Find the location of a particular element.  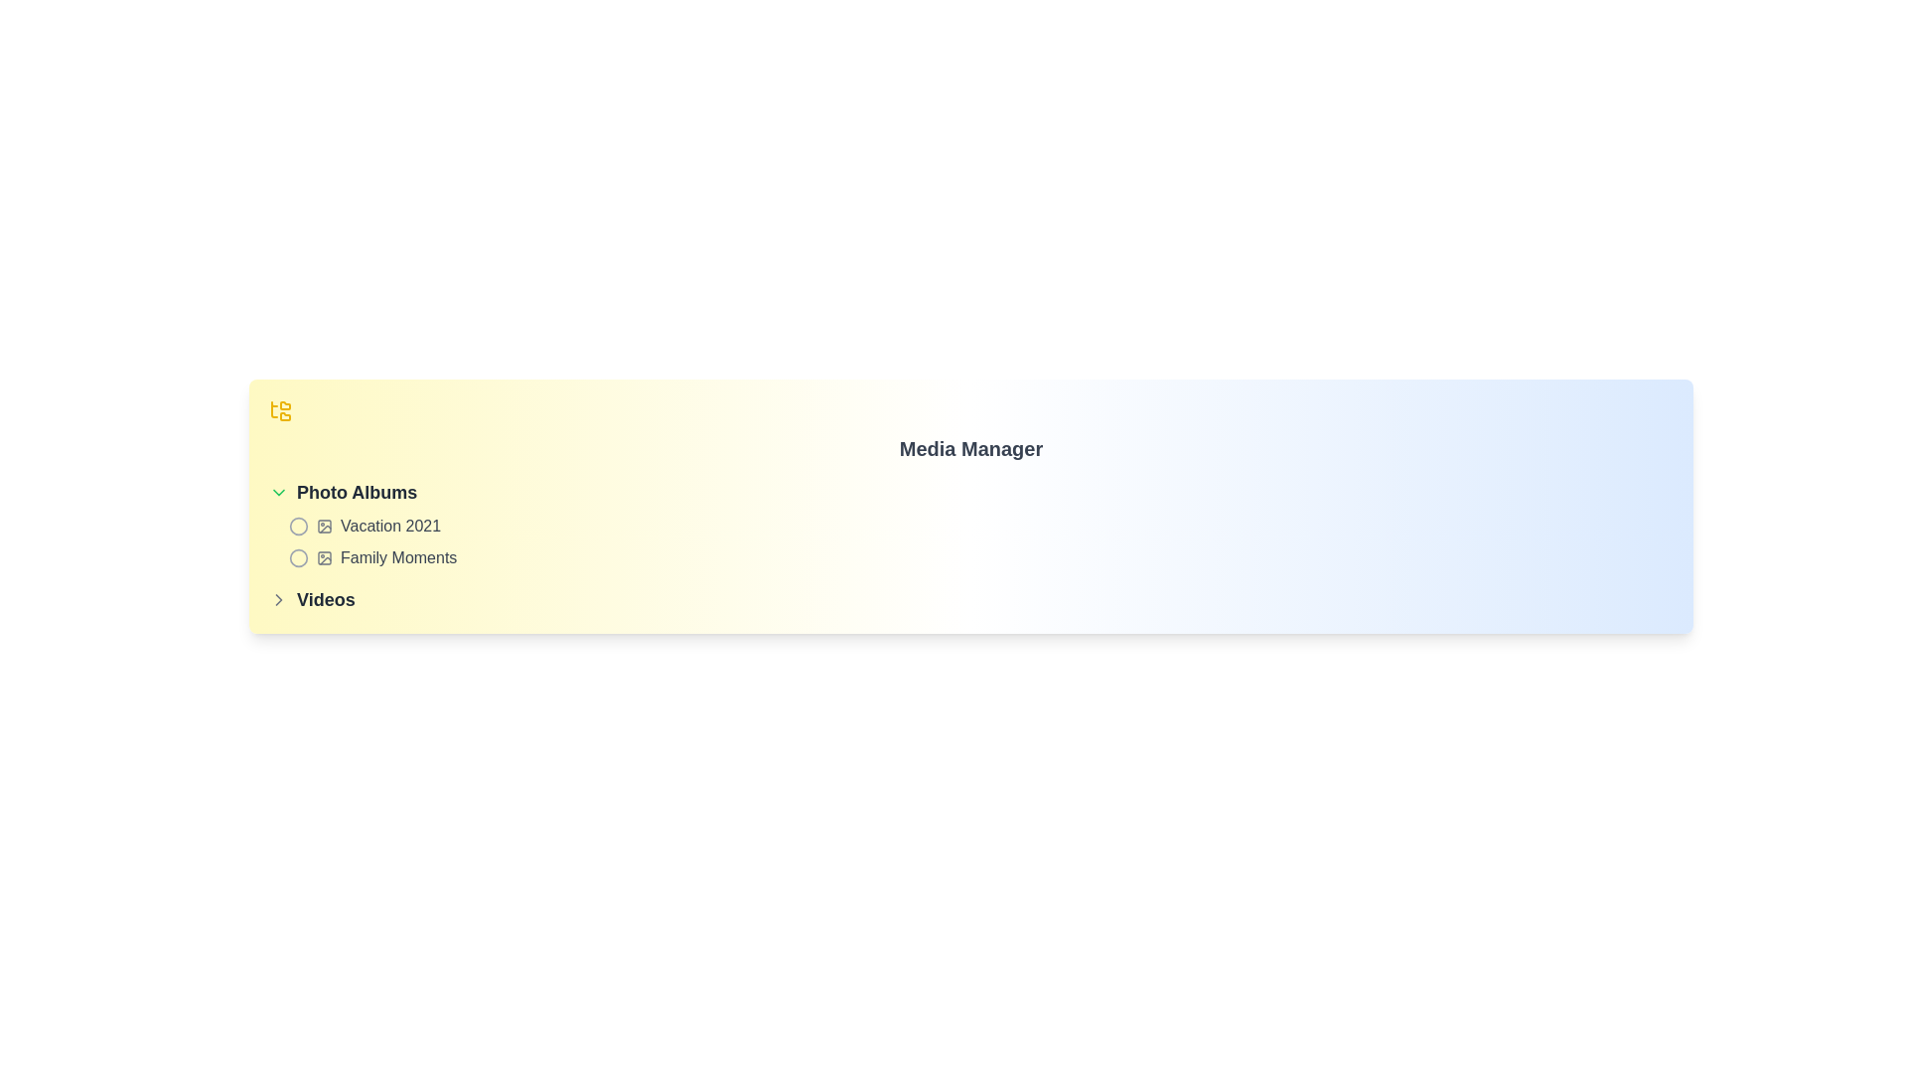

the unselected radio button under the 'Photo Albums' section, specifically the second circular icon aligned with 'Family Moments' is located at coordinates (298, 558).